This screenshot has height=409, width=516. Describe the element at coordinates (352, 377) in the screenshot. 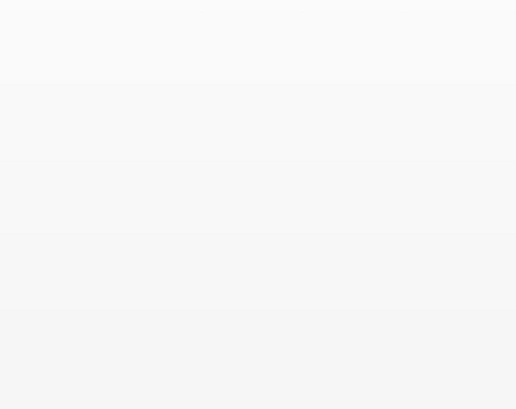

I see `'© 2023 Bentham Science Publishers |'` at that location.